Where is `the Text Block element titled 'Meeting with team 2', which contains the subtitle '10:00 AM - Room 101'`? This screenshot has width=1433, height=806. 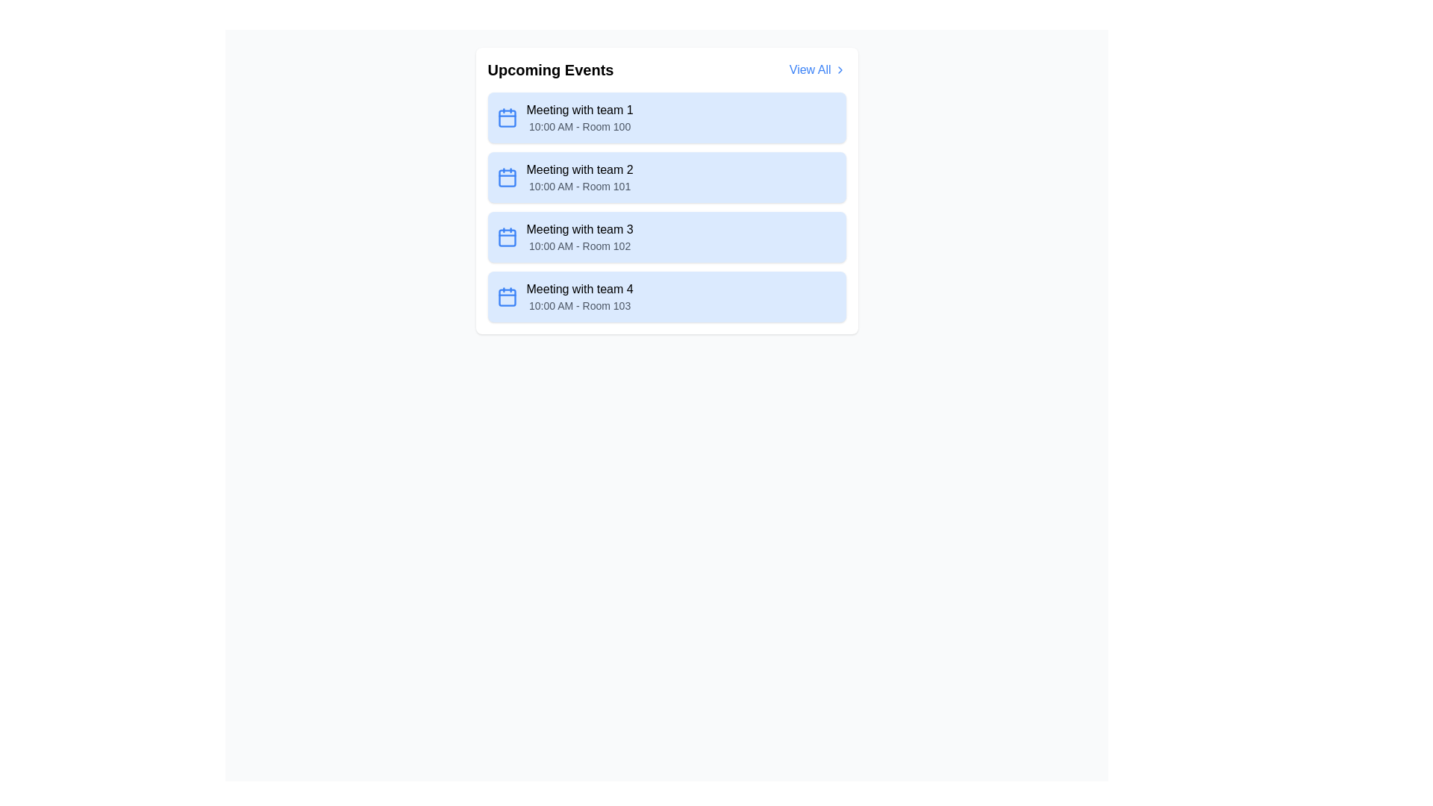
the Text Block element titled 'Meeting with team 2', which contains the subtitle '10:00 AM - Room 101' is located at coordinates (579, 177).